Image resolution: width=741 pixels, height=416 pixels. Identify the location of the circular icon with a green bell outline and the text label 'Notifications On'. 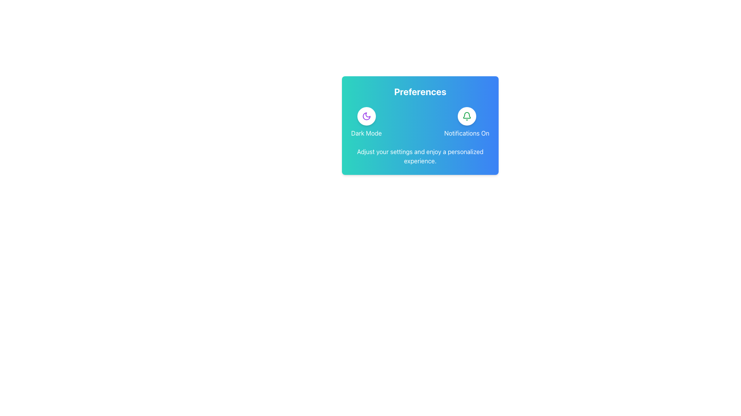
(466, 122).